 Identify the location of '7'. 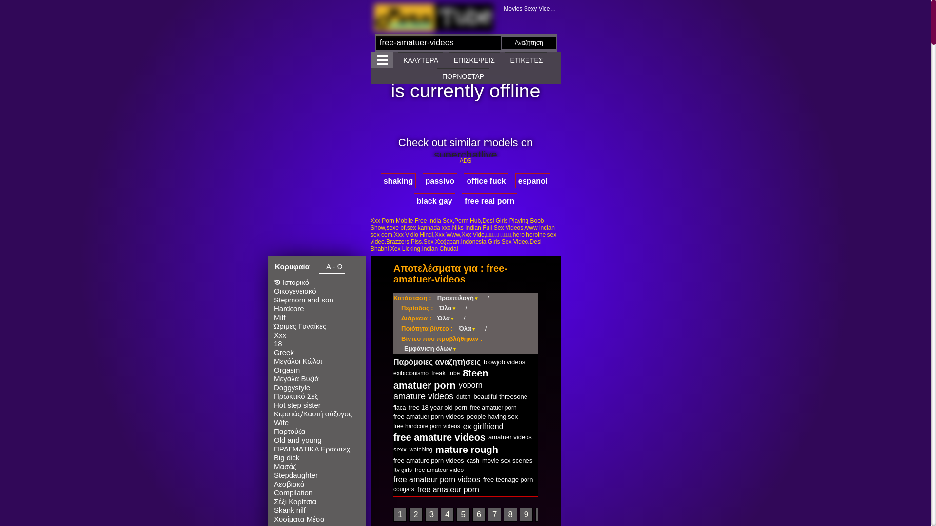
(494, 514).